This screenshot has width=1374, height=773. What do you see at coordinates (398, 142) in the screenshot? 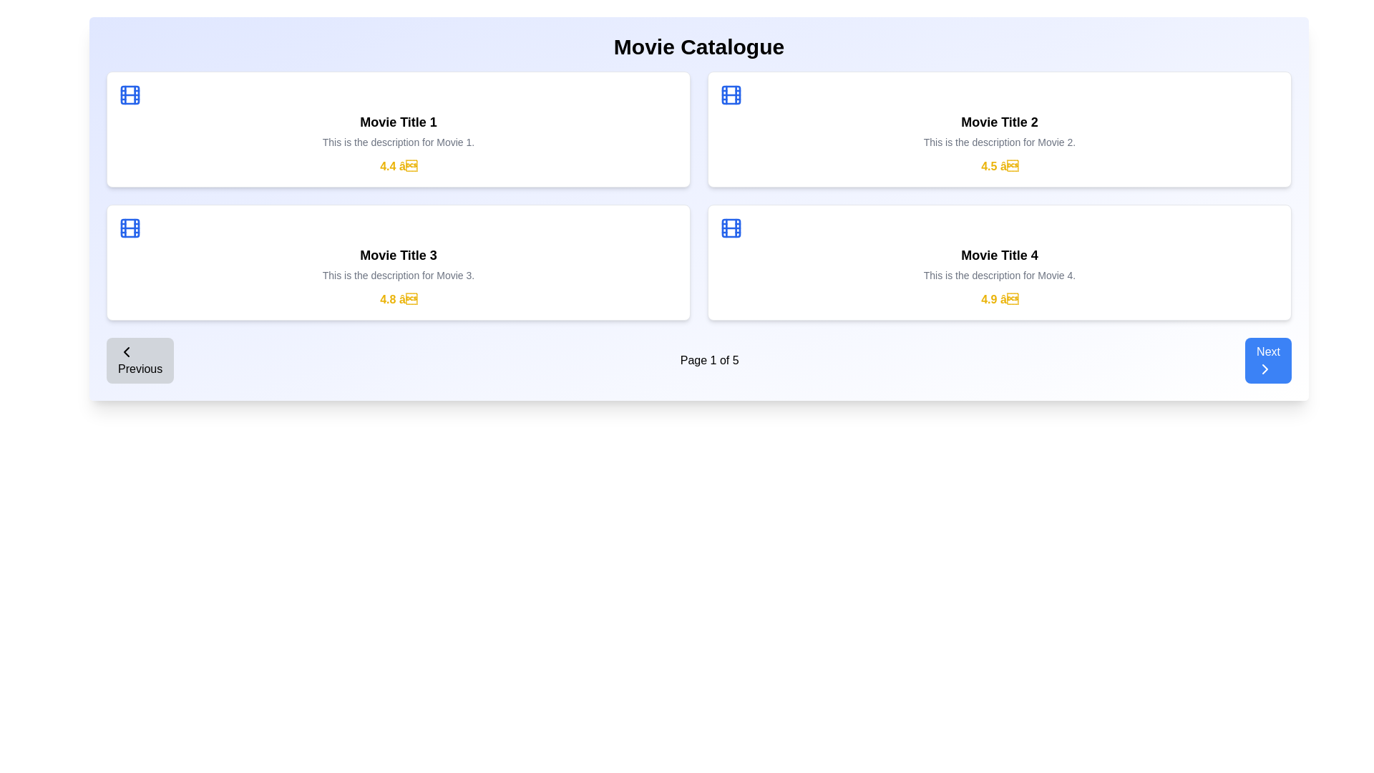
I see `the text element containing 'This is the description for Movie 1.' which is styled in a small, gray font and located underneath the title text 'Movie Title 1' within the top-left white card of the 2x2 grid layout` at bounding box center [398, 142].